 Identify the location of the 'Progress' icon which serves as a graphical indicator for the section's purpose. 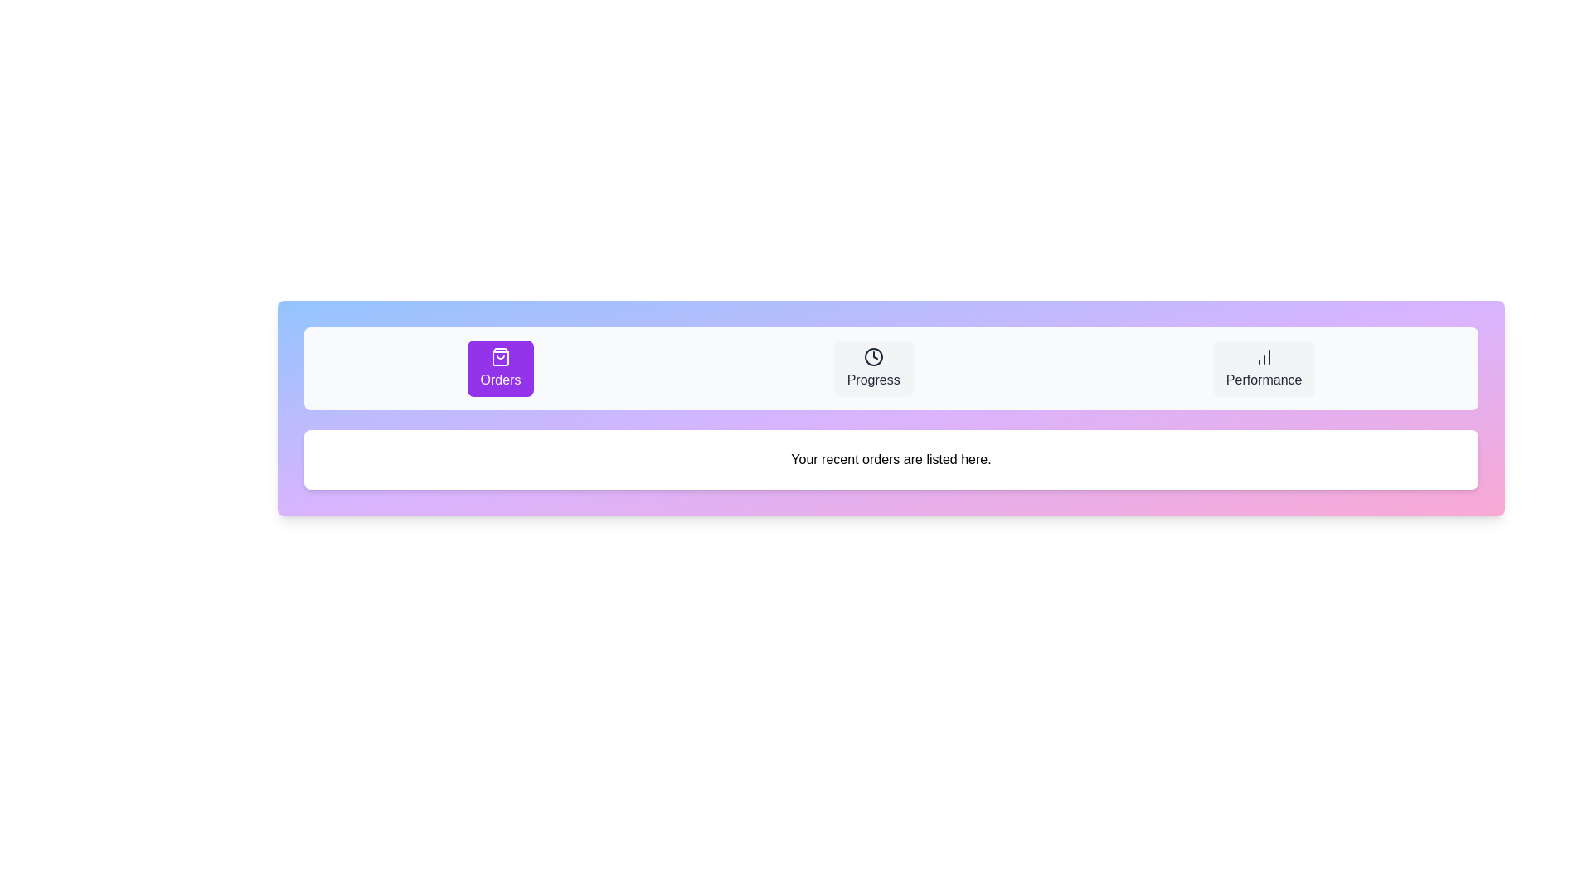
(872, 356).